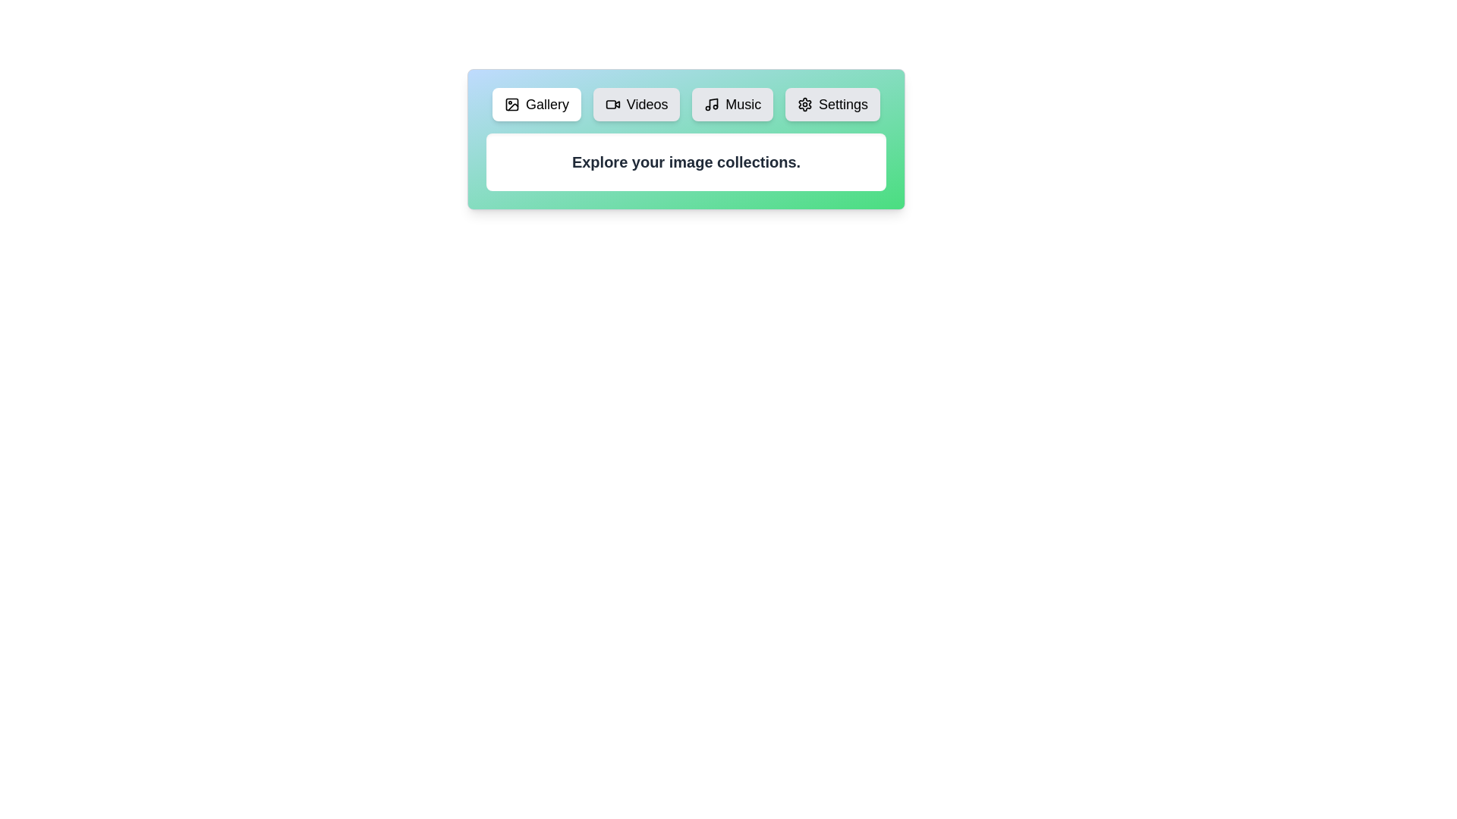  I want to click on the tab labeled Gallery to observe its hover effect, so click(537, 104).